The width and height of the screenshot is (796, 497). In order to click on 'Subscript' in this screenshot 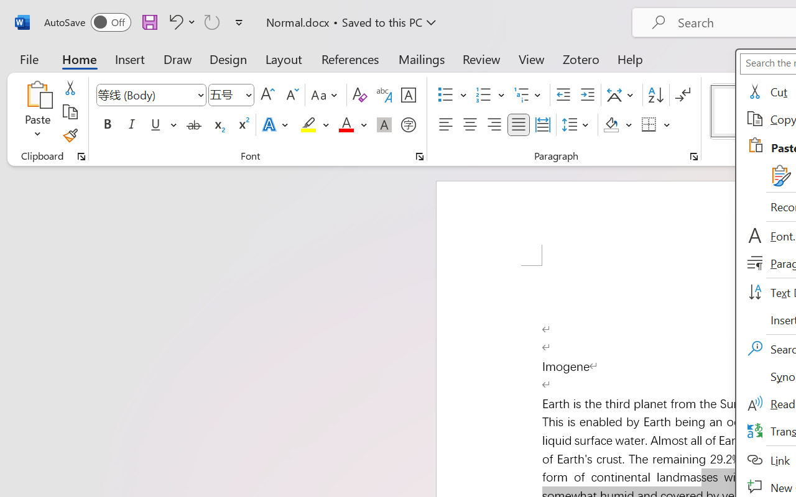, I will do `click(218, 125)`.